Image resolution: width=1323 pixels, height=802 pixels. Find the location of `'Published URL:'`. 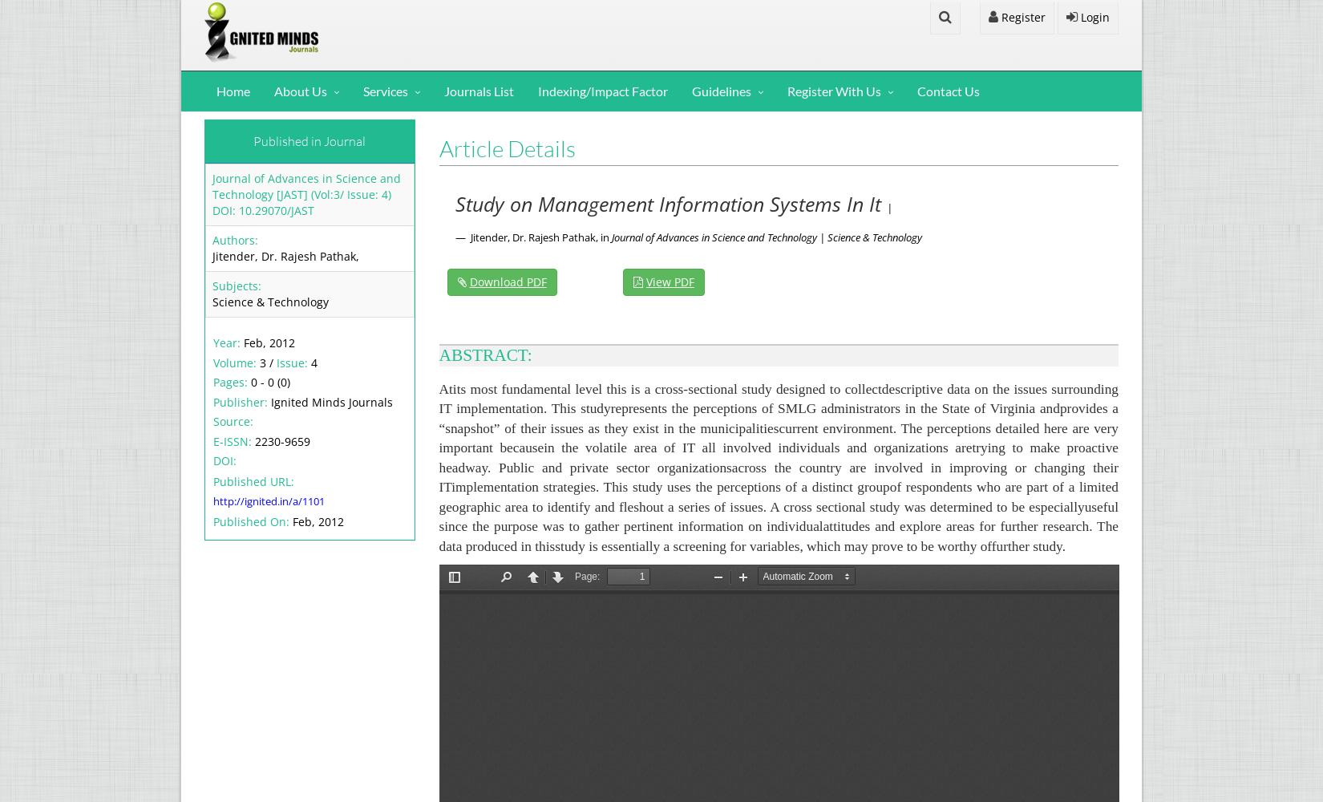

'Published URL:' is located at coordinates (253, 480).